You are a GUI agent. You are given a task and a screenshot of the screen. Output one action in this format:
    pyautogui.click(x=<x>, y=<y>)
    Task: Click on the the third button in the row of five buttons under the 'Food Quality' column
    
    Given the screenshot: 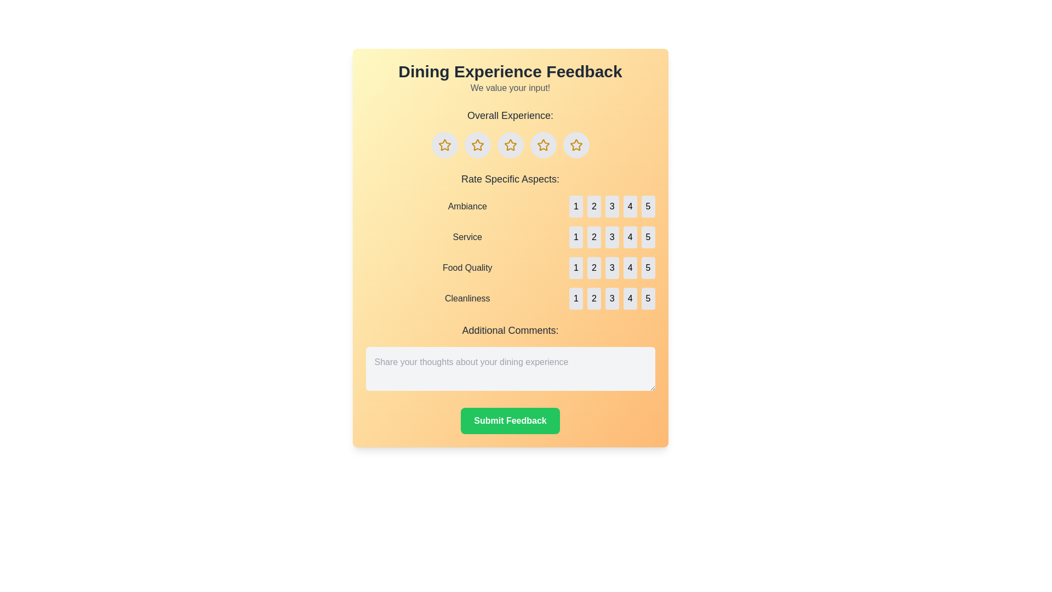 What is the action you would take?
    pyautogui.click(x=611, y=268)
    